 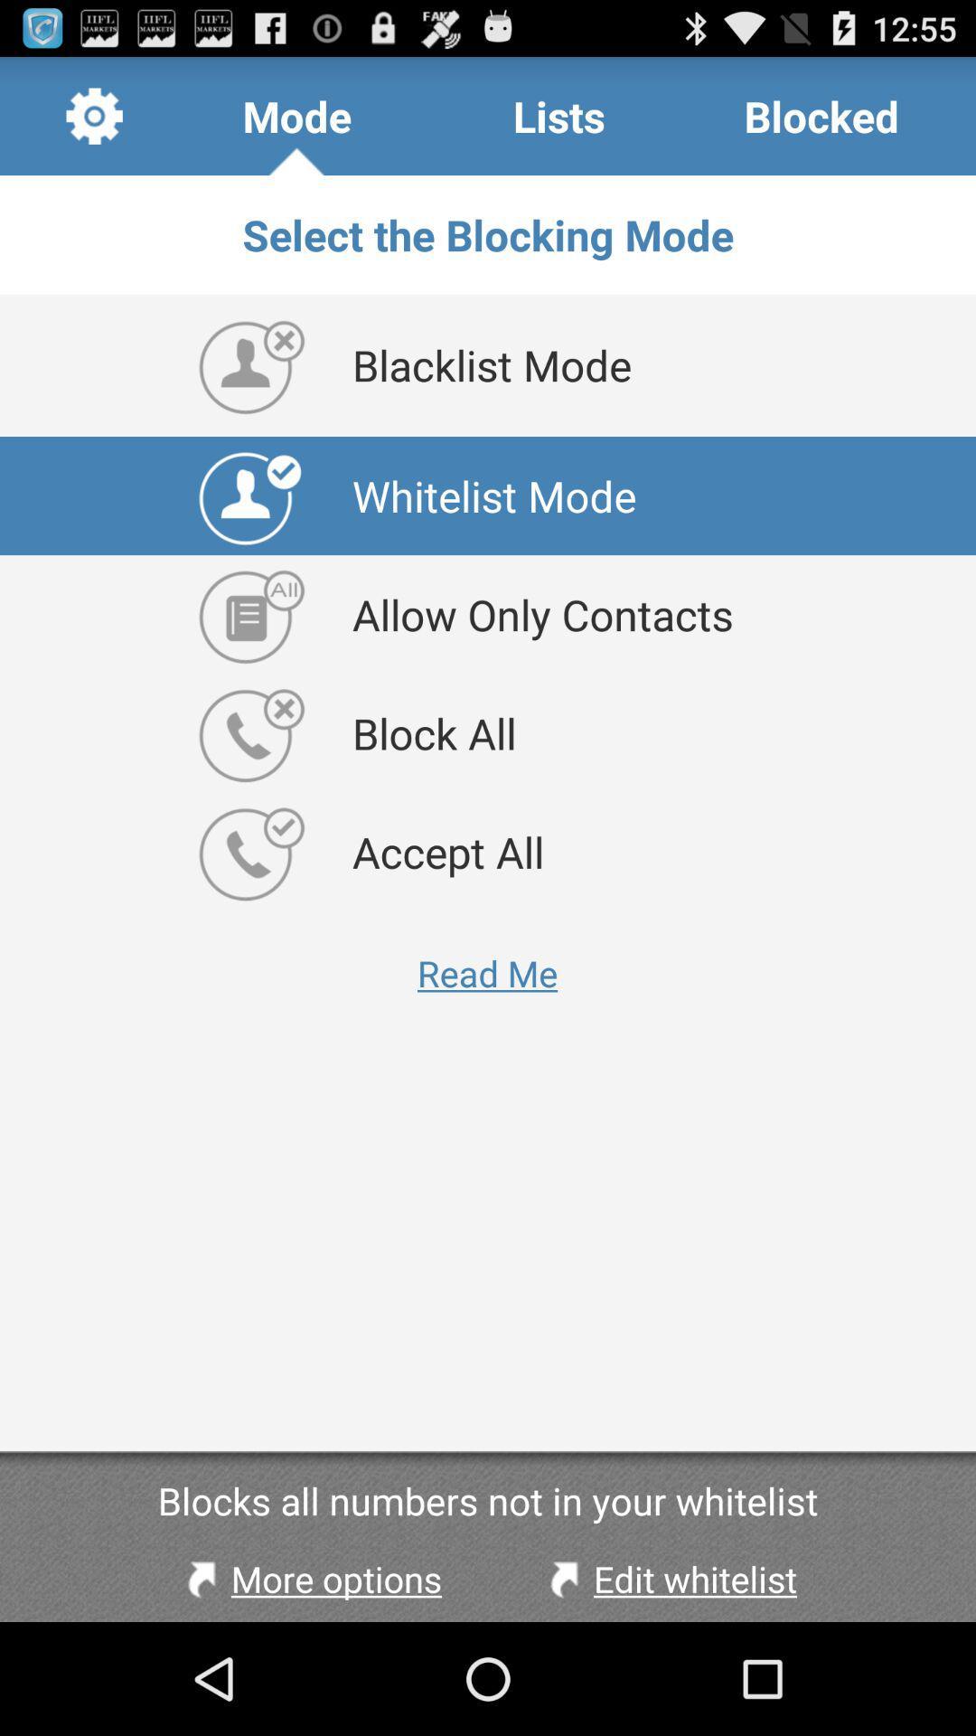 What do you see at coordinates (309, 1578) in the screenshot?
I see `more options item` at bounding box center [309, 1578].